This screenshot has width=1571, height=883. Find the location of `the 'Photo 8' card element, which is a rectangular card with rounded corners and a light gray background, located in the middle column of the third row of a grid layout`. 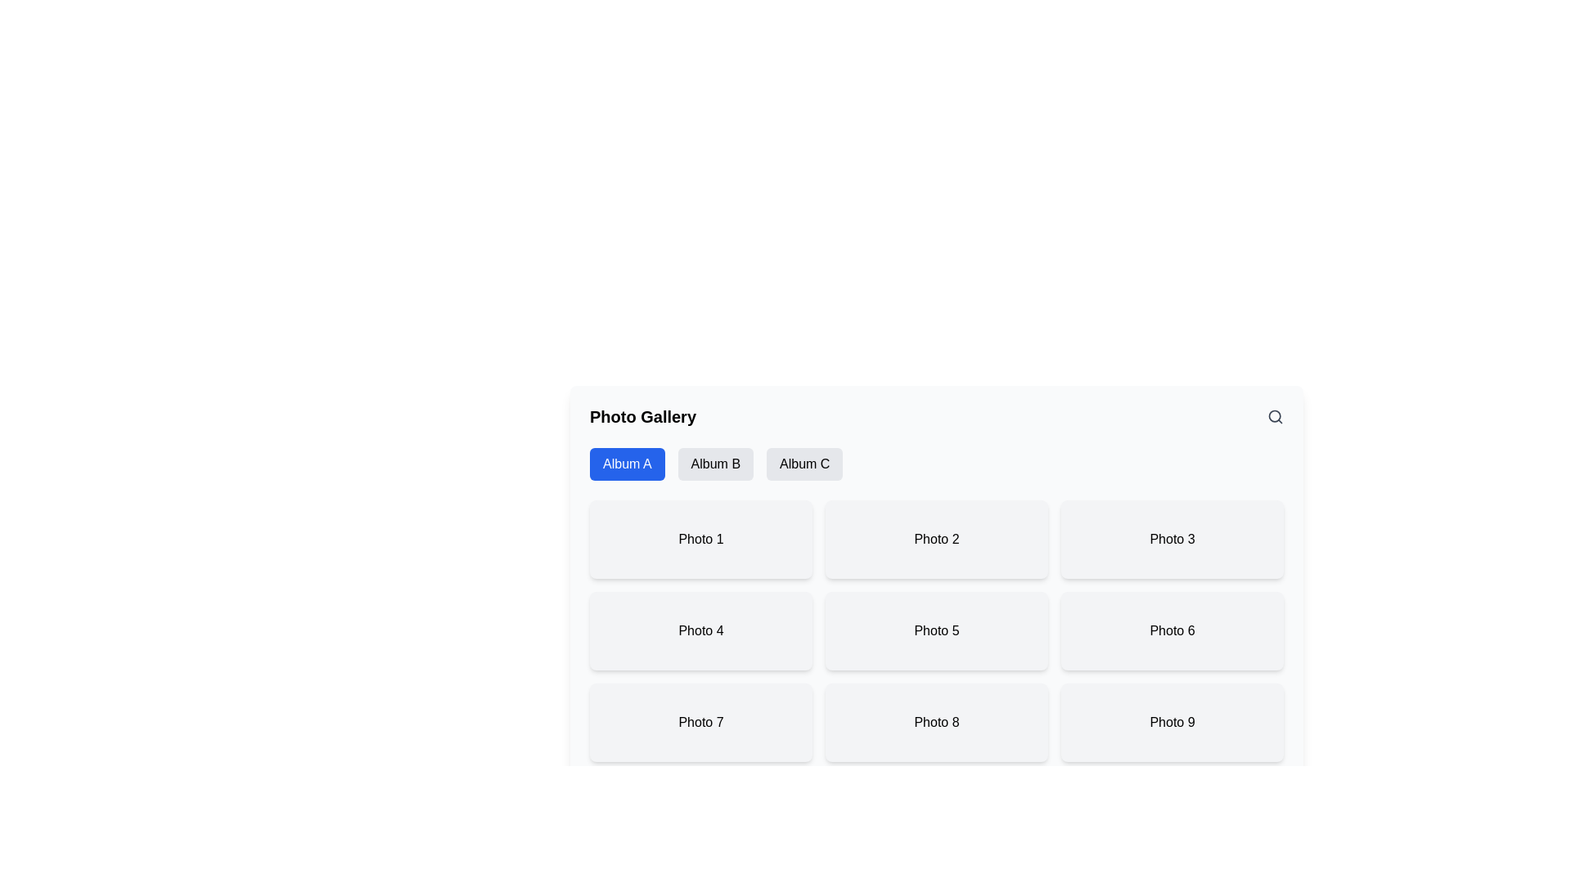

the 'Photo 8' card element, which is a rectangular card with rounded corners and a light gray background, located in the middle column of the third row of a grid layout is located at coordinates (937, 721).